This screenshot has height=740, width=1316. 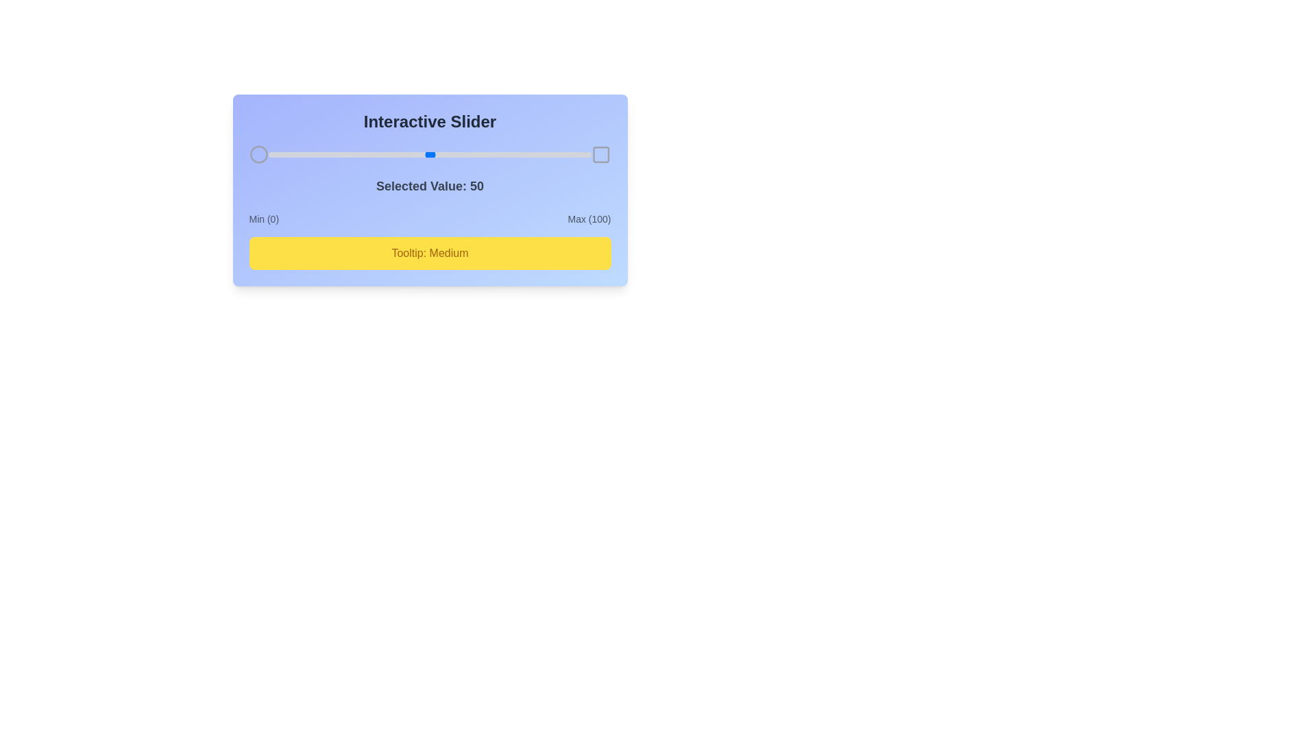 I want to click on the slider to set its value to 97, so click(x=581, y=154).